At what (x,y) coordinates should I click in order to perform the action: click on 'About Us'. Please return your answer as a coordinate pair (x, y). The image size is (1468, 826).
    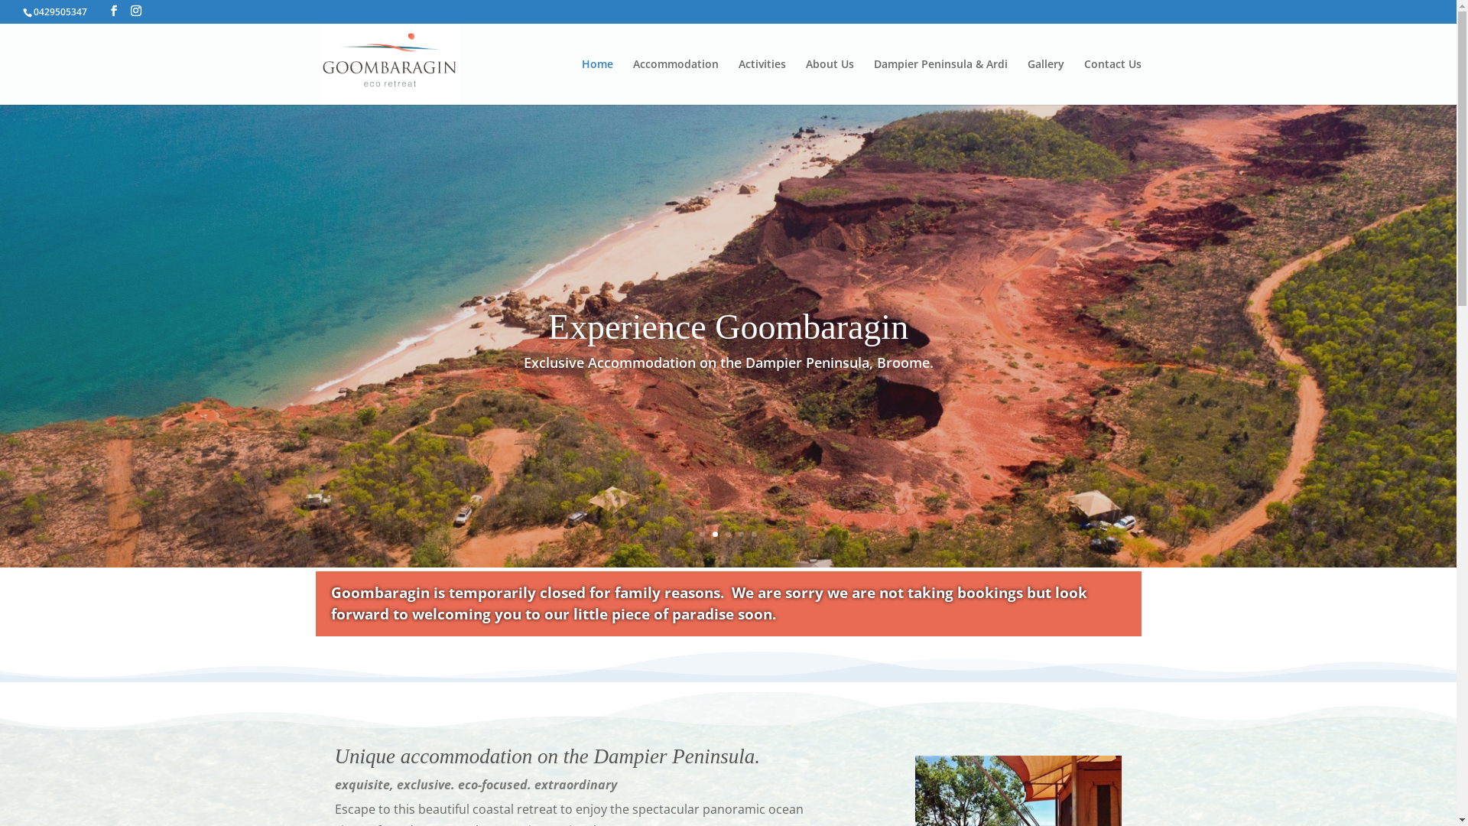
    Looking at the image, I should click on (829, 82).